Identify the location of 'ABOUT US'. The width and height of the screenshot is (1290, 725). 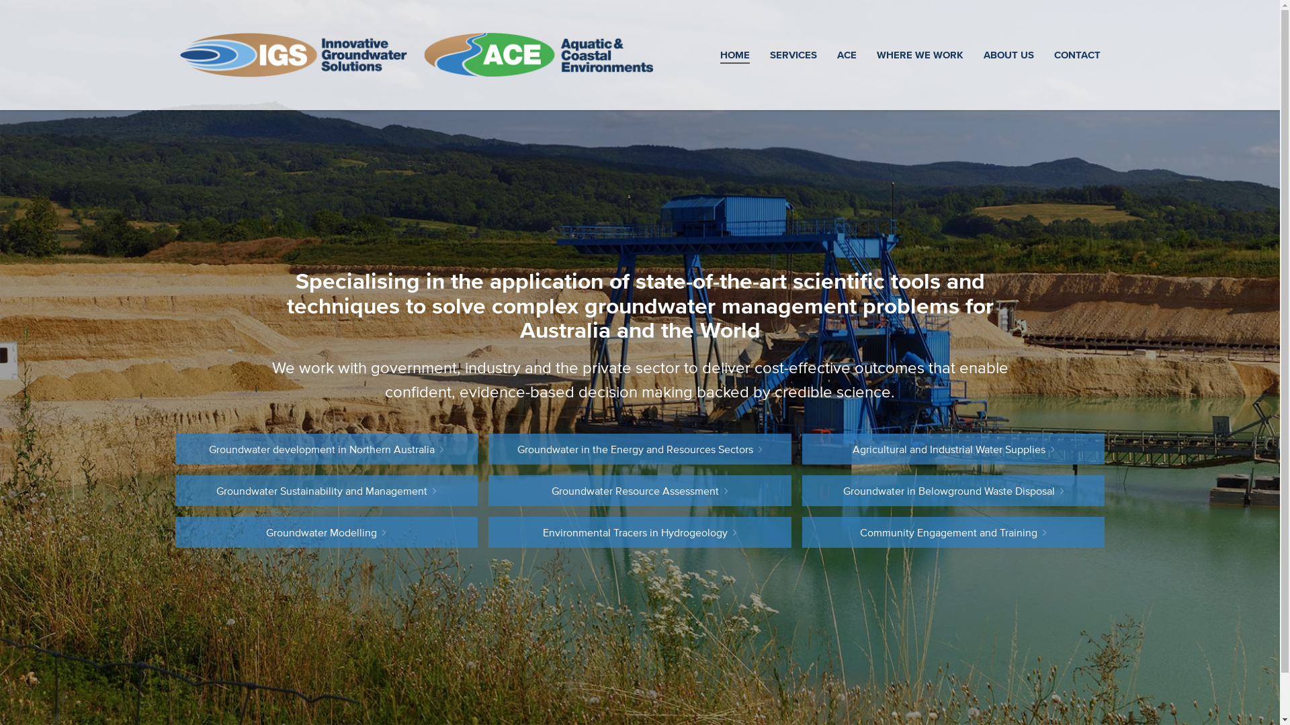
(1008, 54).